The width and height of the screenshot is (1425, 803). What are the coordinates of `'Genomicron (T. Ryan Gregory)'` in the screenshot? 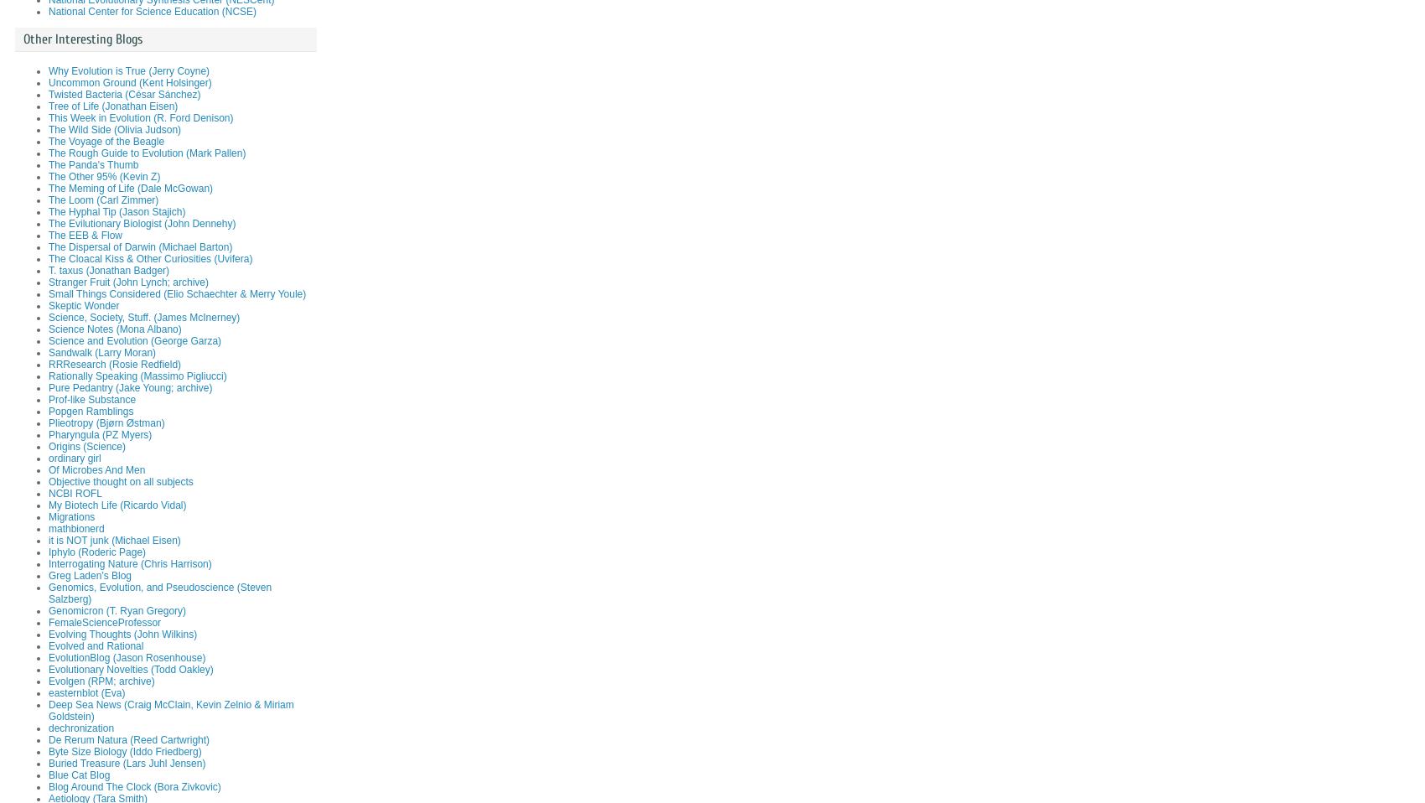 It's located at (117, 611).